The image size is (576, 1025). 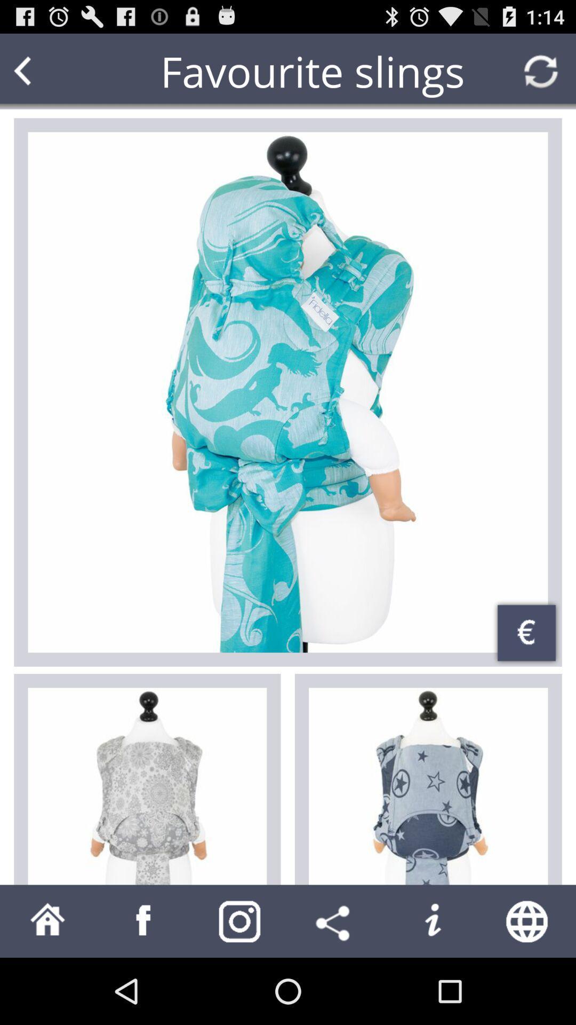 What do you see at coordinates (335, 985) in the screenshot?
I see `the share icon` at bounding box center [335, 985].